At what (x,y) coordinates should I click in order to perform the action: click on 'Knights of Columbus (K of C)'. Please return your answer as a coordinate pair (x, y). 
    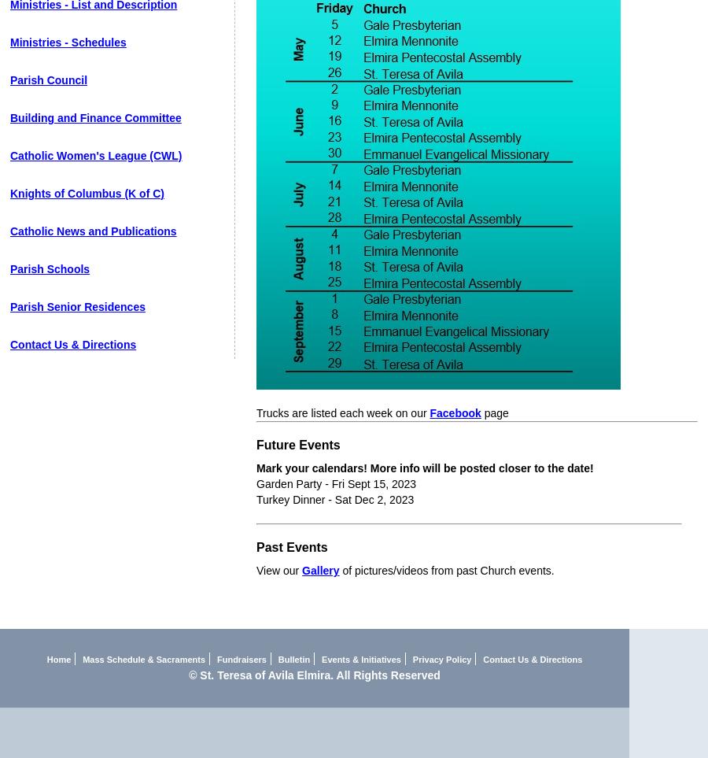
    Looking at the image, I should click on (86, 194).